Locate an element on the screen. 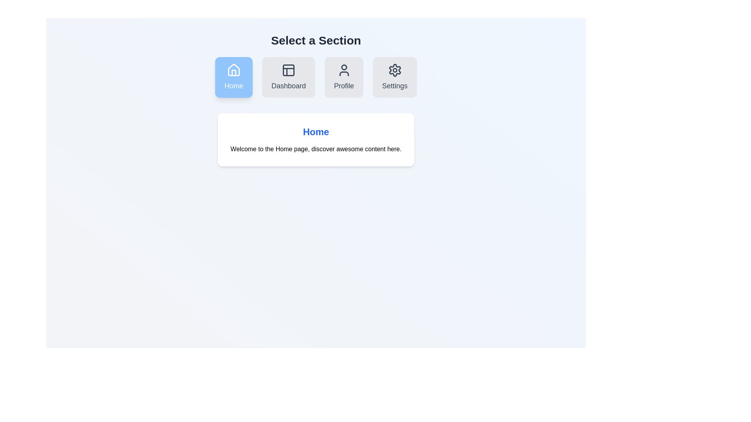  the Settings section icon to select it is located at coordinates (395, 77).